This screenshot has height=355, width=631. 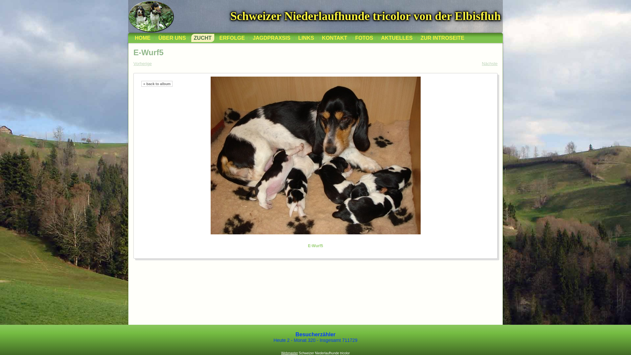 I want to click on 'LINKS', so click(x=306, y=38).